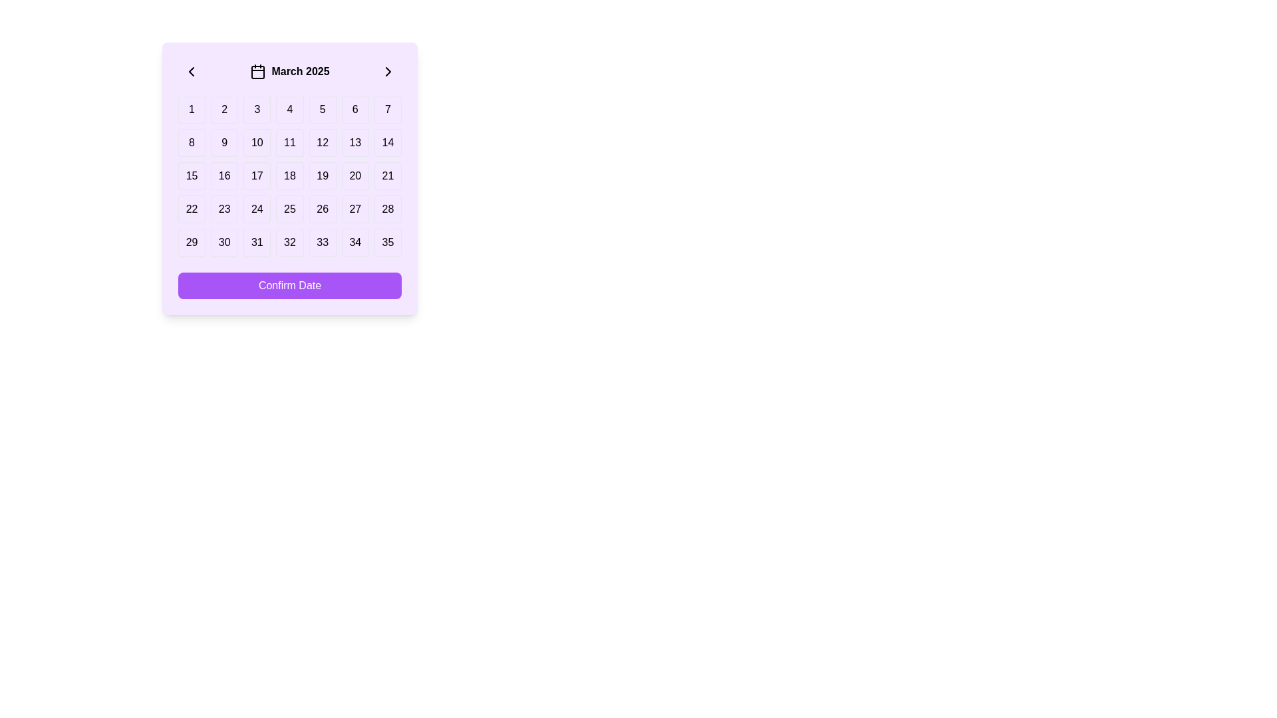 The width and height of the screenshot is (1277, 718). I want to click on the selectable calendar date box displaying the number '26', located in the 4th row and 5th column of the calendar grid, so click(323, 209).